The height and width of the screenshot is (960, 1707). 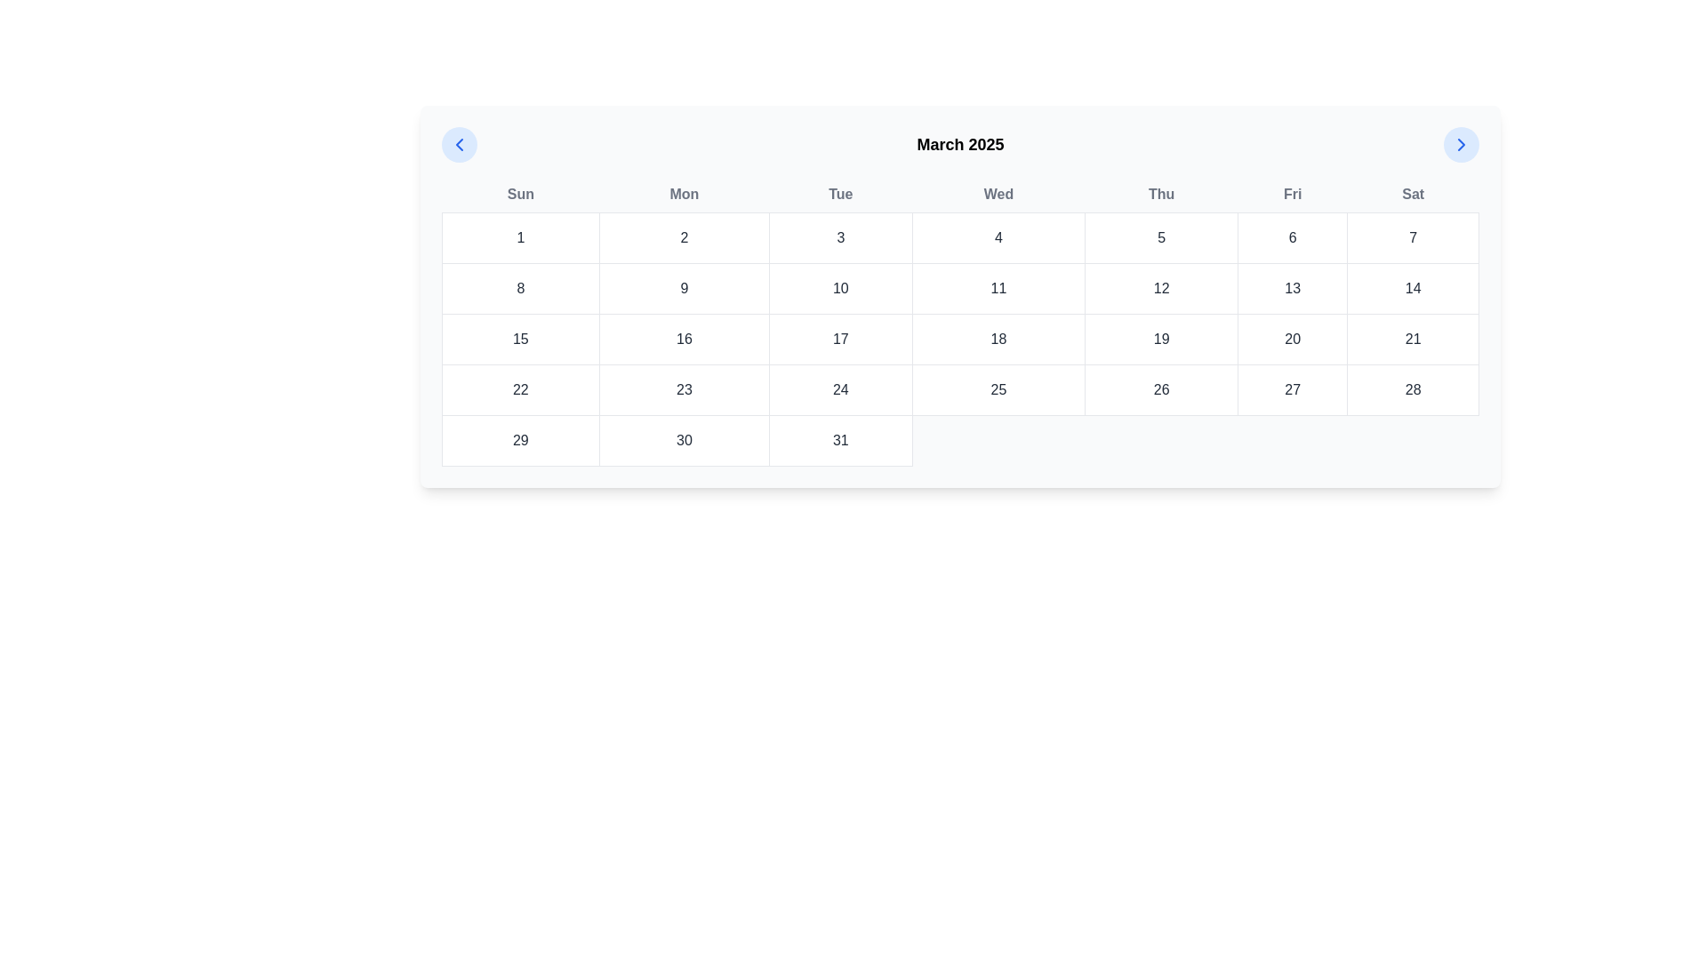 I want to click on the last day cell (31) of the last week row in the calendar, so click(x=959, y=440).